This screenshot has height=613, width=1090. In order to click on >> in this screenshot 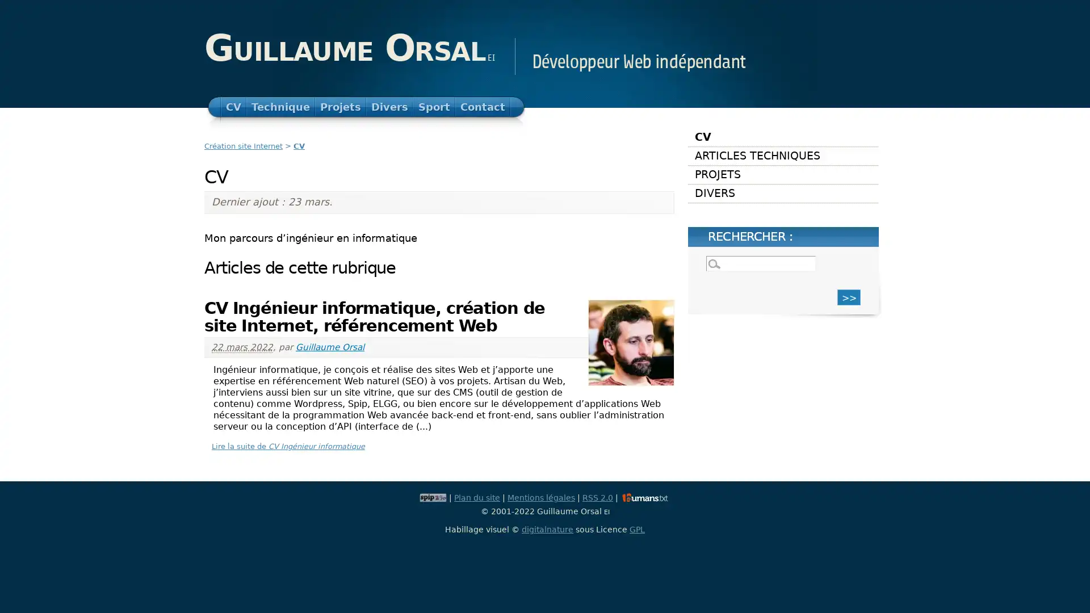, I will do `click(849, 296)`.